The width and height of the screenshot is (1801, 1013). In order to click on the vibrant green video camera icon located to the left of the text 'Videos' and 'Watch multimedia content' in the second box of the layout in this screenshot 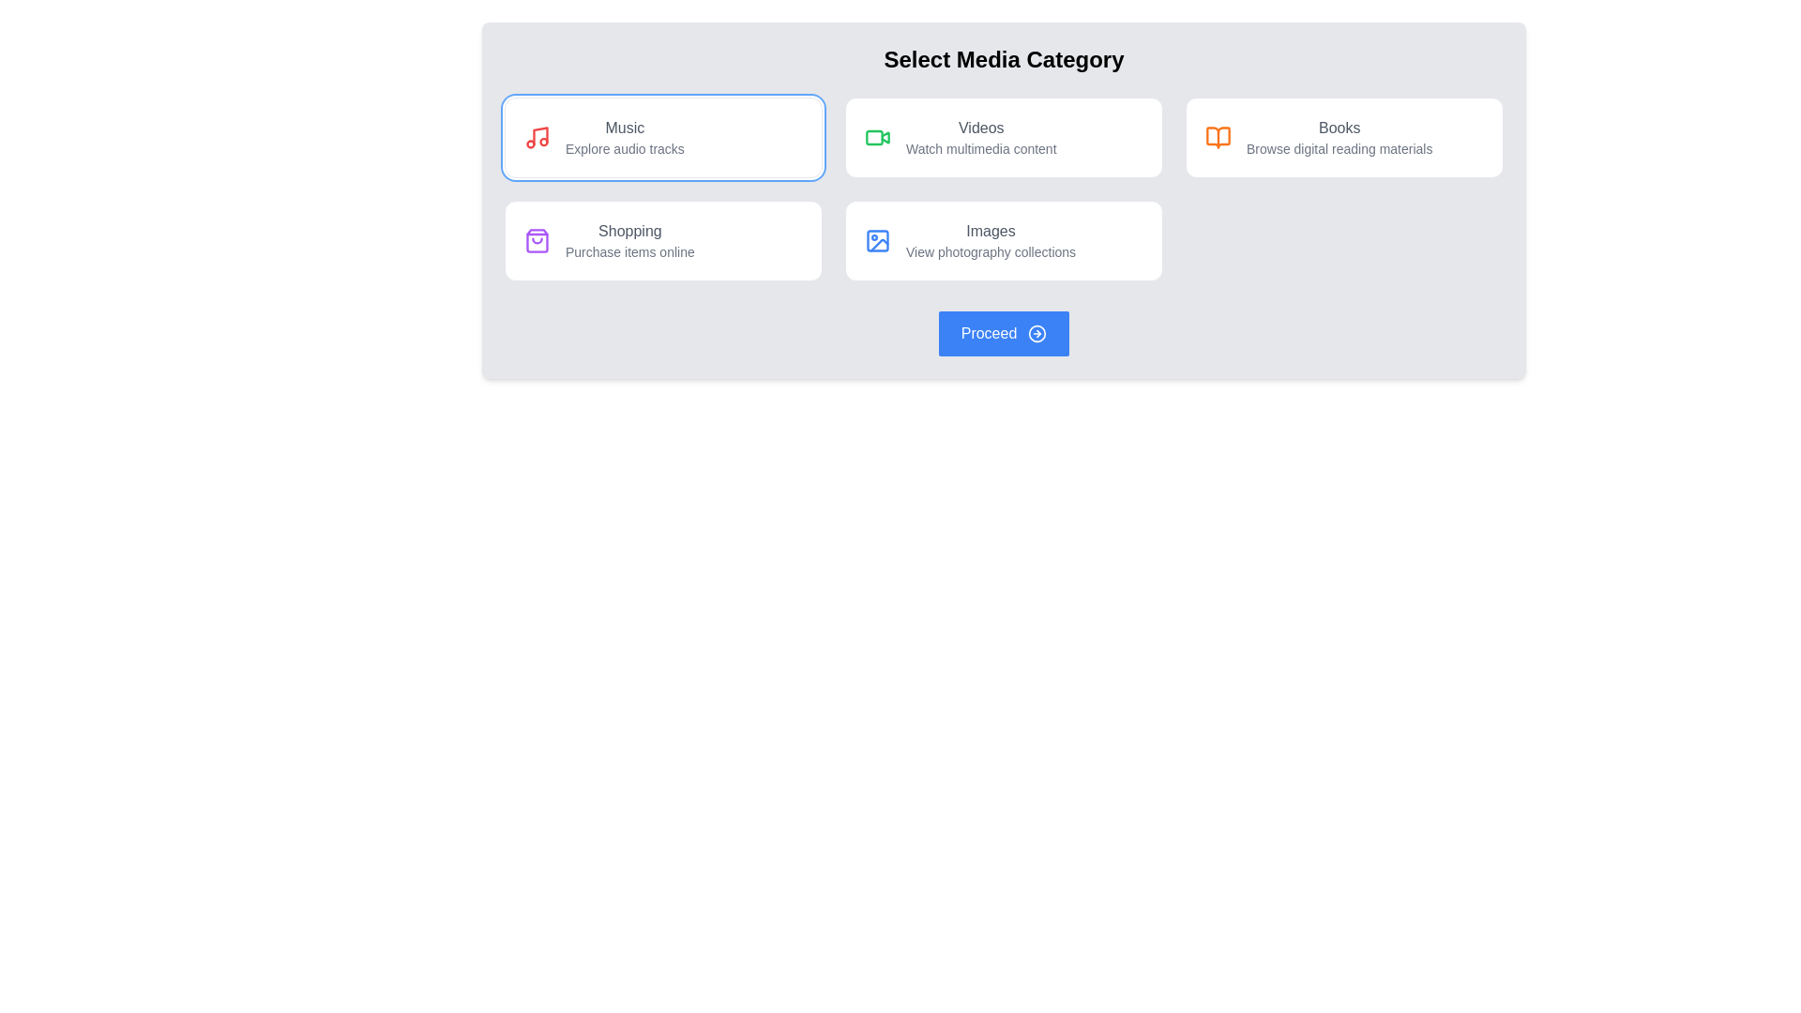, I will do `click(877, 136)`.